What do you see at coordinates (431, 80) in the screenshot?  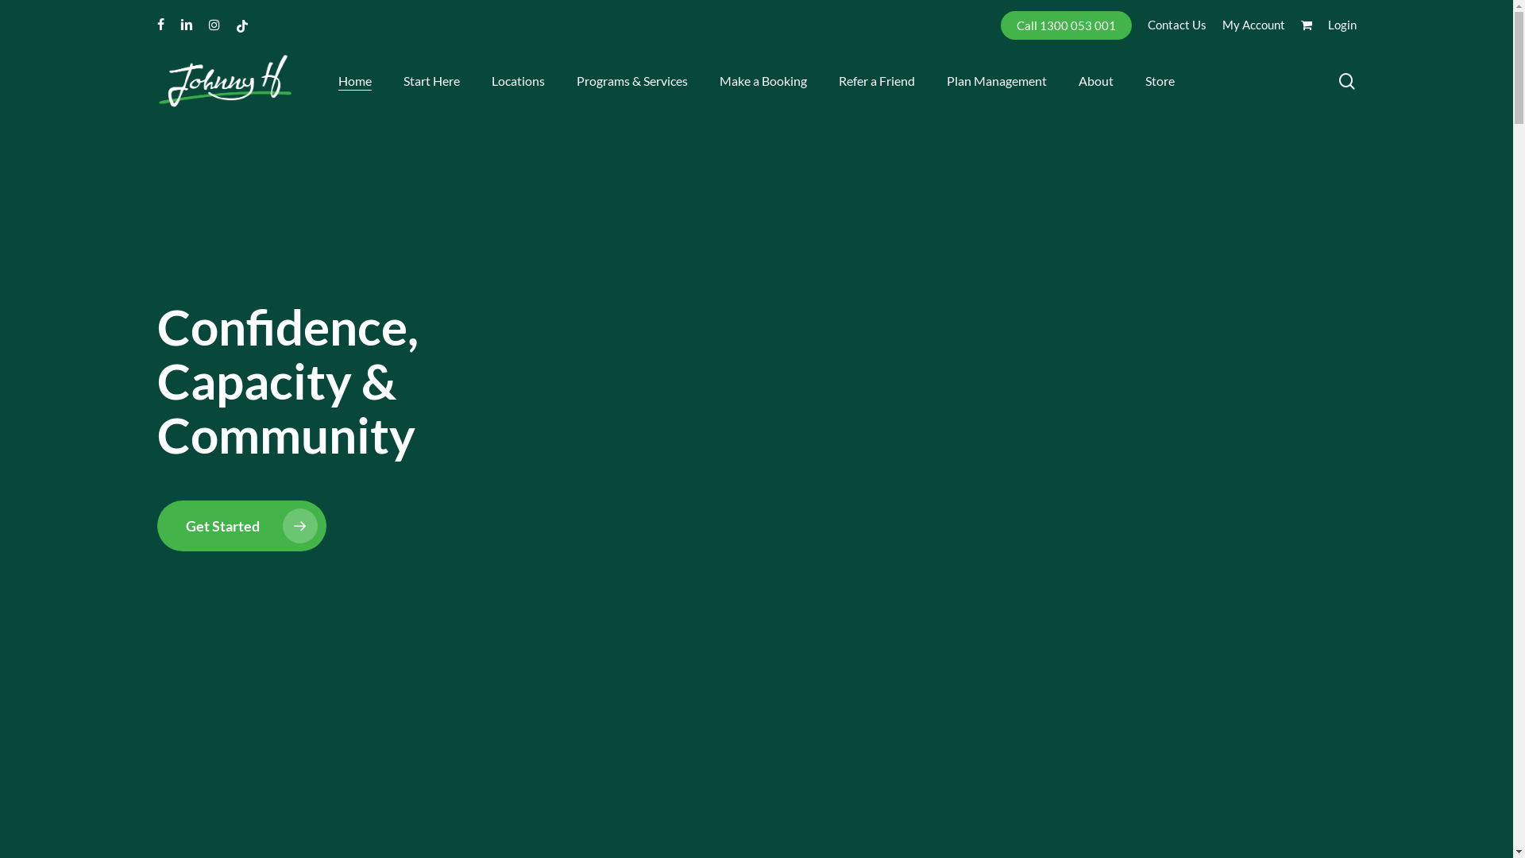 I see `'Start Here'` at bounding box center [431, 80].